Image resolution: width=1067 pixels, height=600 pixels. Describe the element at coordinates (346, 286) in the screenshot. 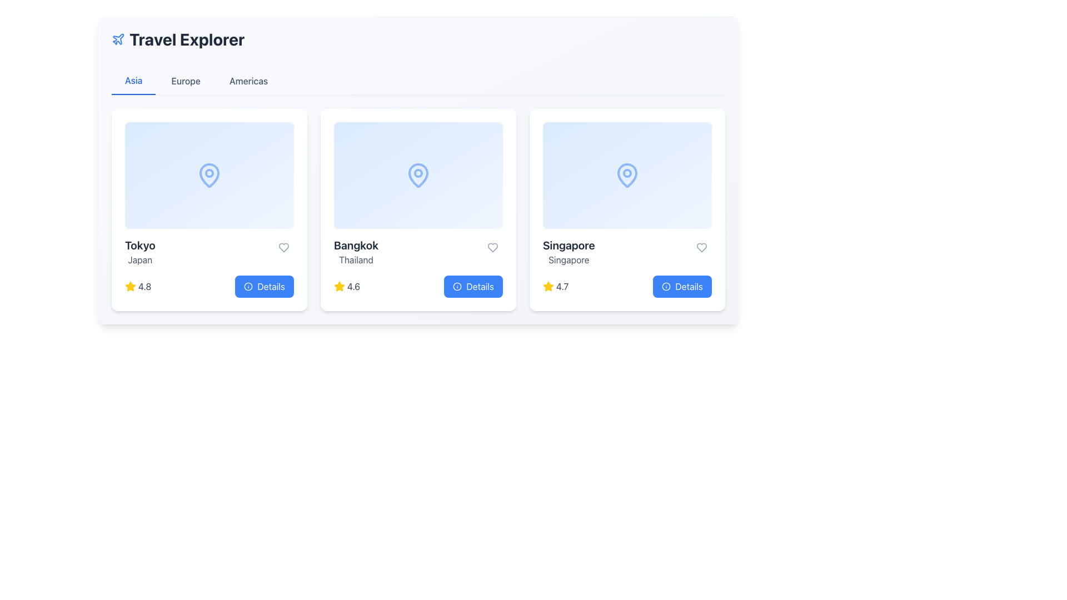

I see `the Rating display element, which consists of a yellow star icon and the text '4.6', located within the card for 'Bangkok, Thailand'` at that location.